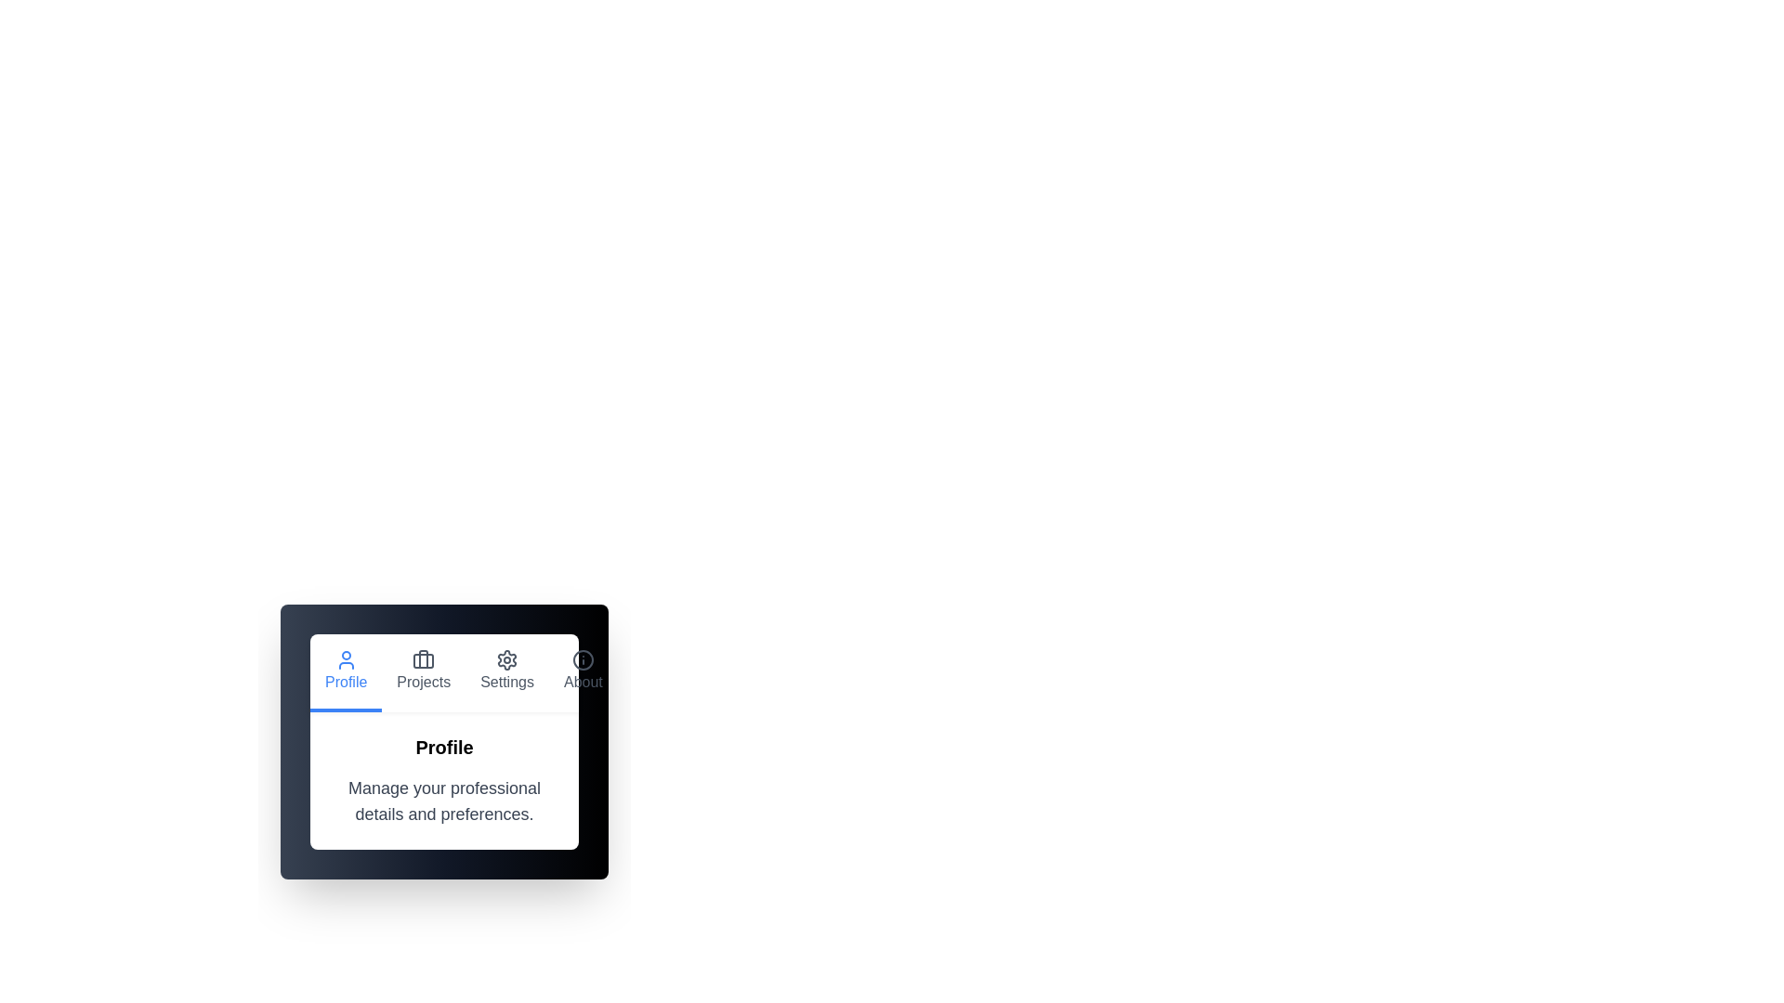 This screenshot has height=1003, width=1784. Describe the element at coordinates (583, 673) in the screenshot. I see `the About tab to navigate to its corresponding content` at that location.